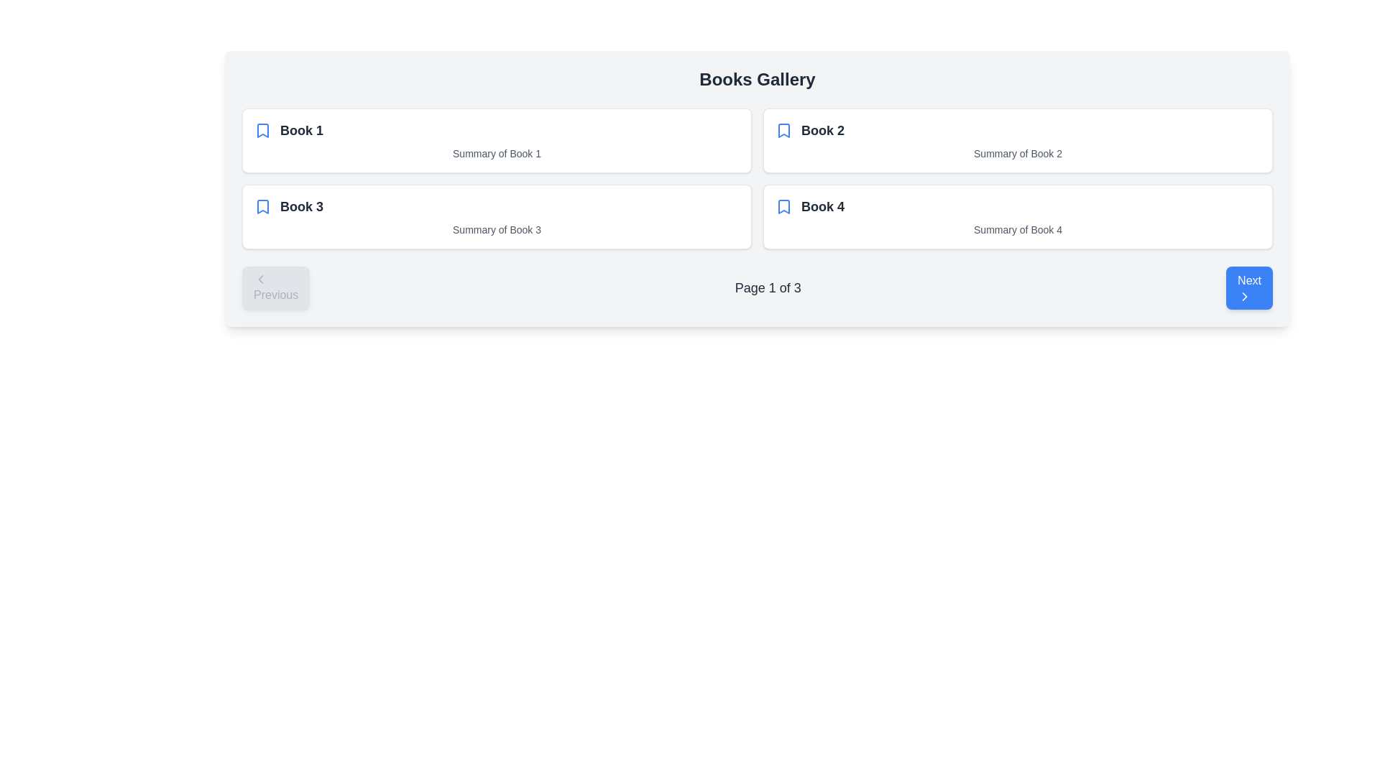  I want to click on the chevron icon located at the bottom-right corner of the 'Next' button, which indicates movement to the next page, so click(1244, 295).